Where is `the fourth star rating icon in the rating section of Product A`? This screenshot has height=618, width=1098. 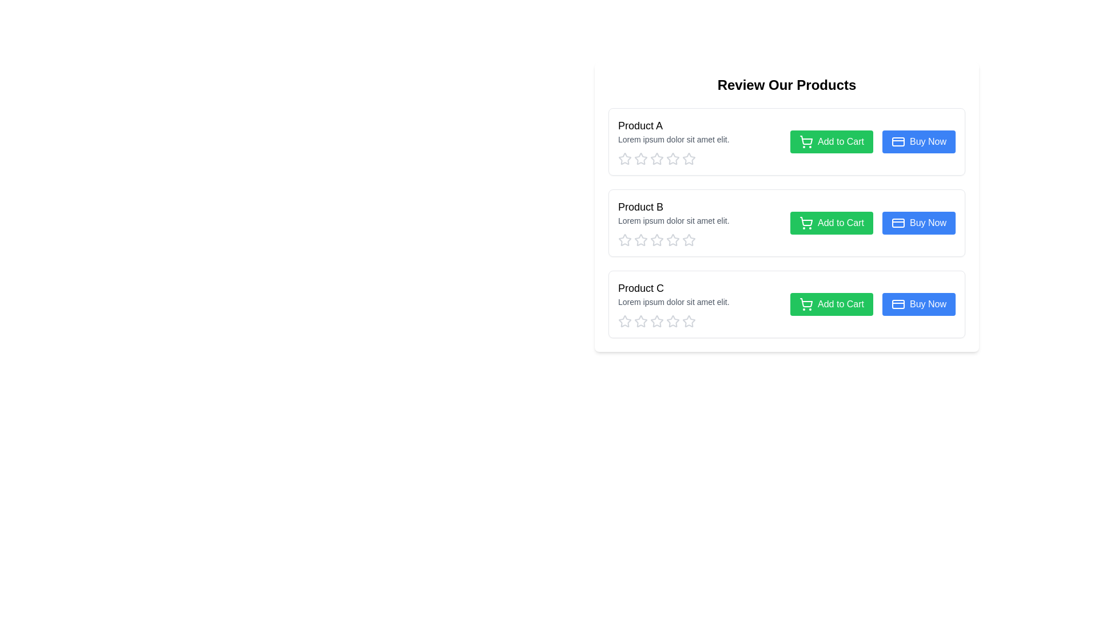
the fourth star rating icon in the rating section of Product A is located at coordinates (657, 159).